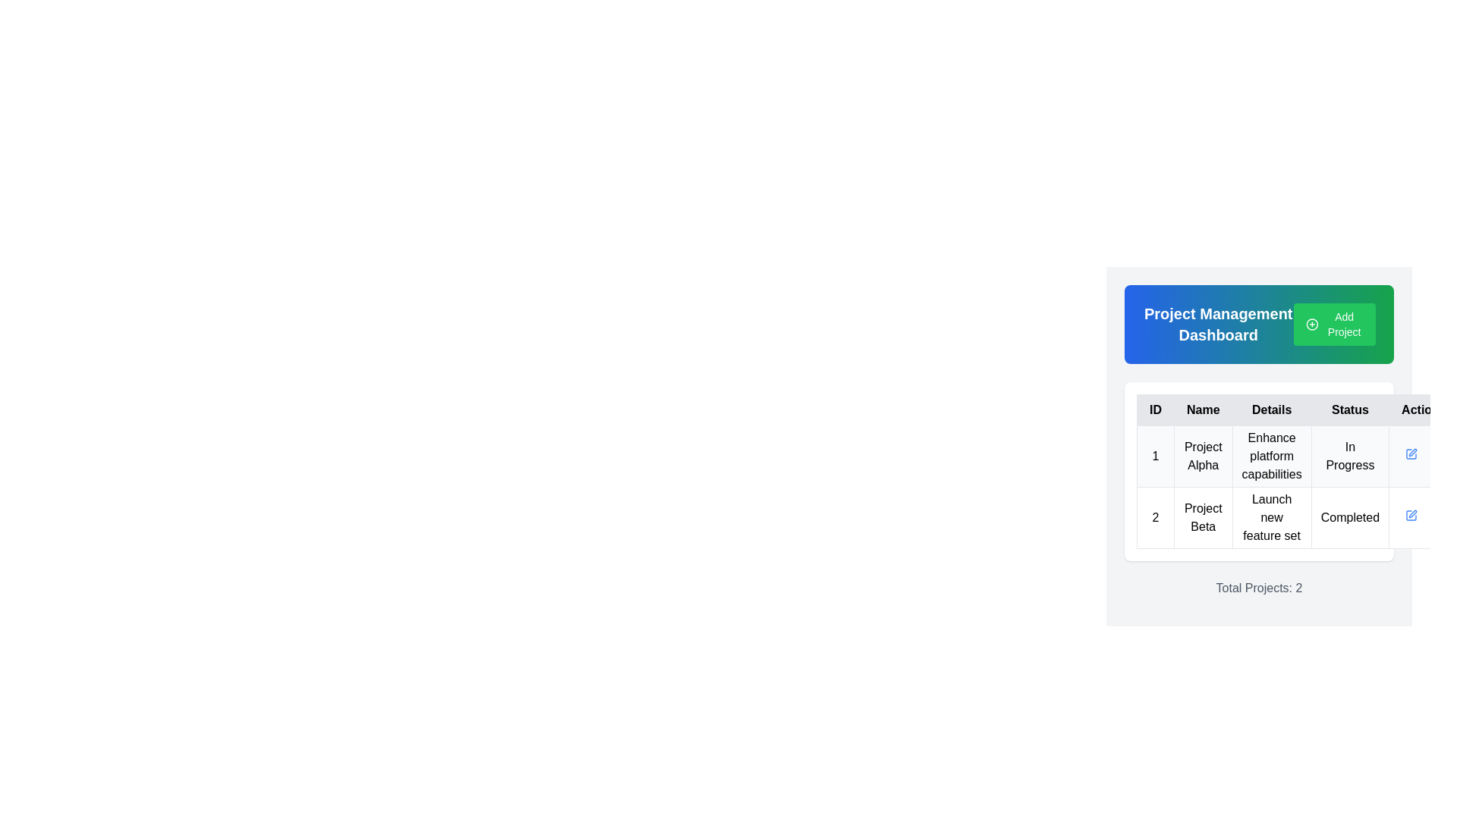 This screenshot has height=819, width=1457. What do you see at coordinates (1350, 409) in the screenshot?
I see `the 'Status' static text label in the table header, which is positioned between the 'Details' and 'Actions' headers` at bounding box center [1350, 409].